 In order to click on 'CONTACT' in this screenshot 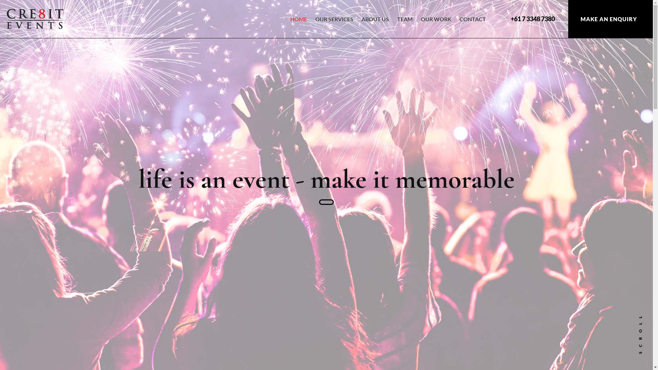, I will do `click(472, 24)`.